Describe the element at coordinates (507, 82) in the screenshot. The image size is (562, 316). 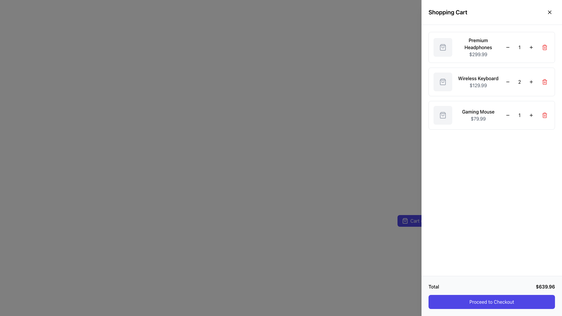
I see `the decrement button (minus icon) for the 'Wireless Keyboard' item in the shopping cart to decrease the quantity` at that location.